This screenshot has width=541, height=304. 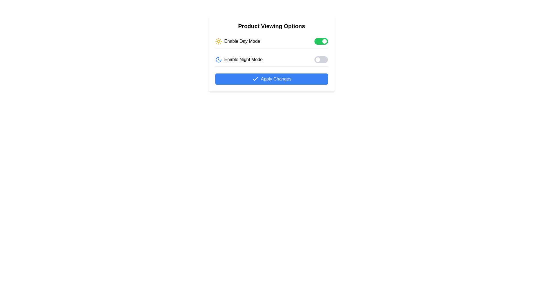 What do you see at coordinates (272, 60) in the screenshot?
I see `the 'Enable Night Mode' toggle switch in the 'Product Viewing Options' section` at bounding box center [272, 60].